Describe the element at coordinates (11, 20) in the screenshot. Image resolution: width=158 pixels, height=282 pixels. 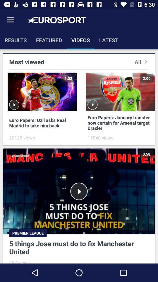
I see `item above results` at that location.